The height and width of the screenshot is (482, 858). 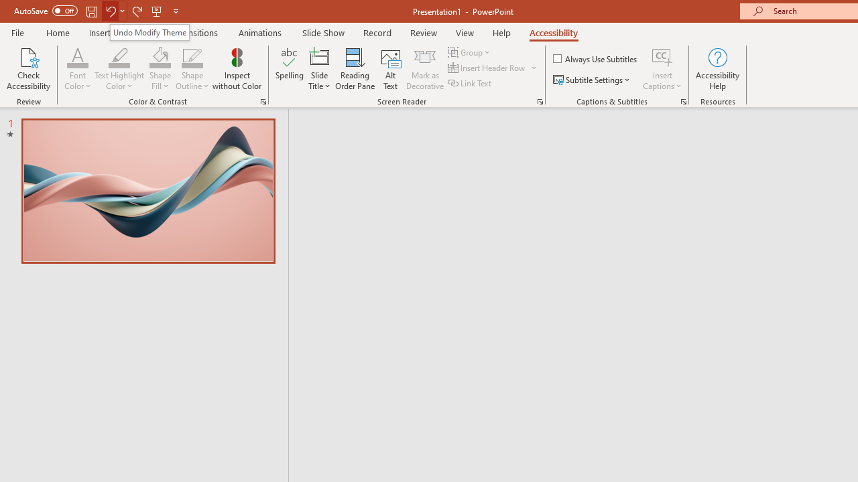 I want to click on 'Always Use Subtitles', so click(x=595, y=58).